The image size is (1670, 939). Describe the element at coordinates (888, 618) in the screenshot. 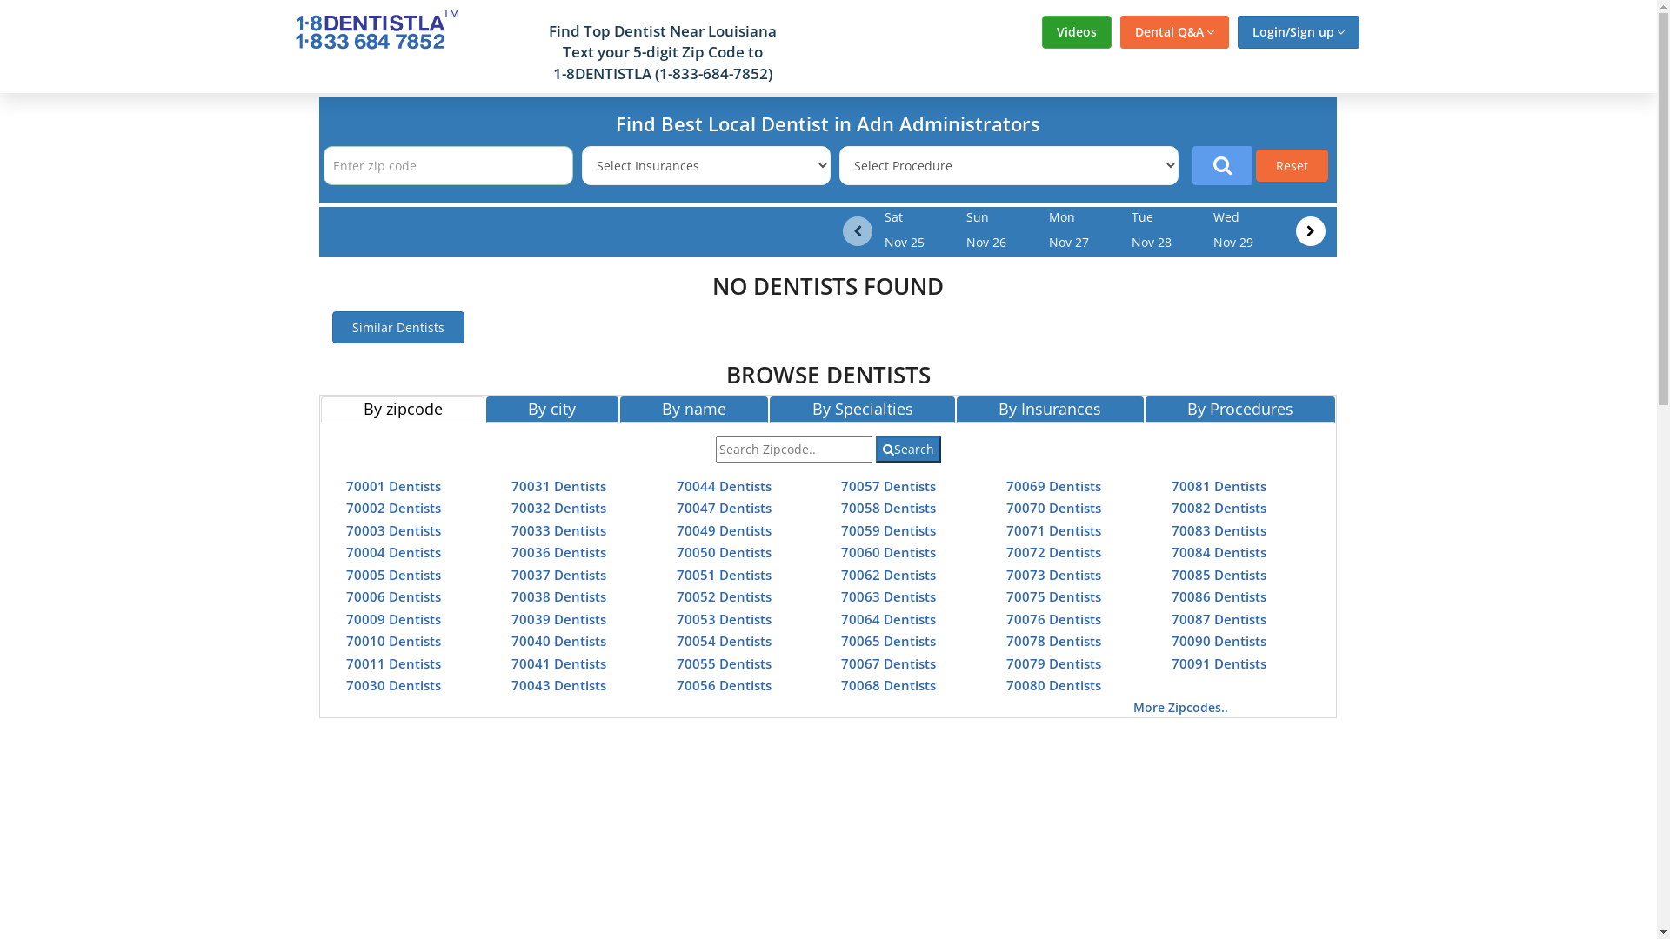

I see `'70064 Dentists'` at that location.